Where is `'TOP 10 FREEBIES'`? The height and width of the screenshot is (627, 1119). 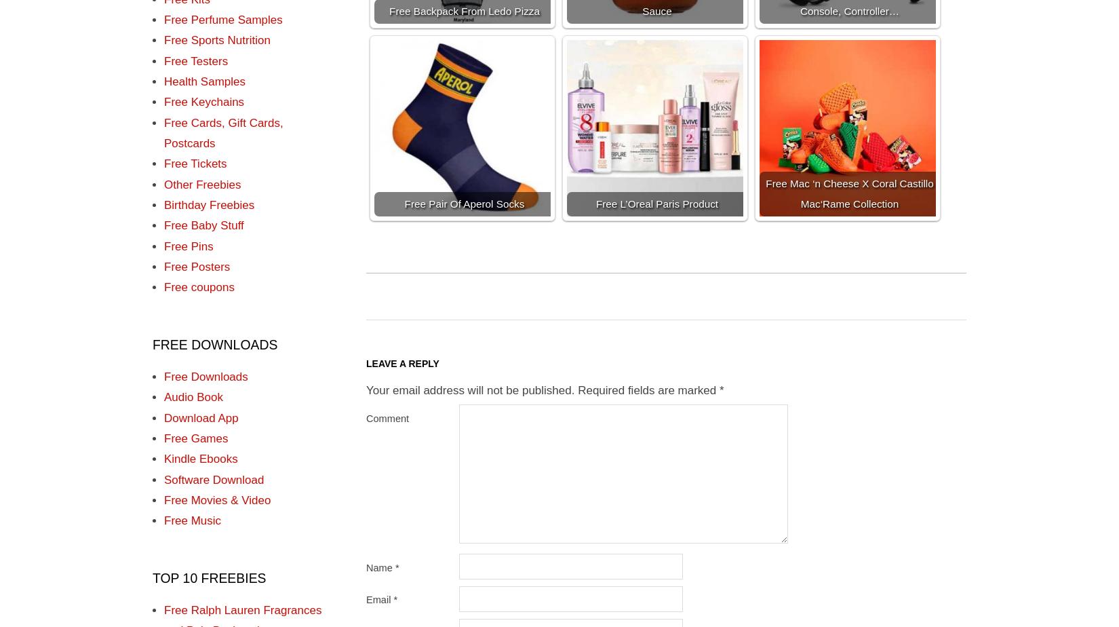 'TOP 10 FREEBIES' is located at coordinates (209, 577).